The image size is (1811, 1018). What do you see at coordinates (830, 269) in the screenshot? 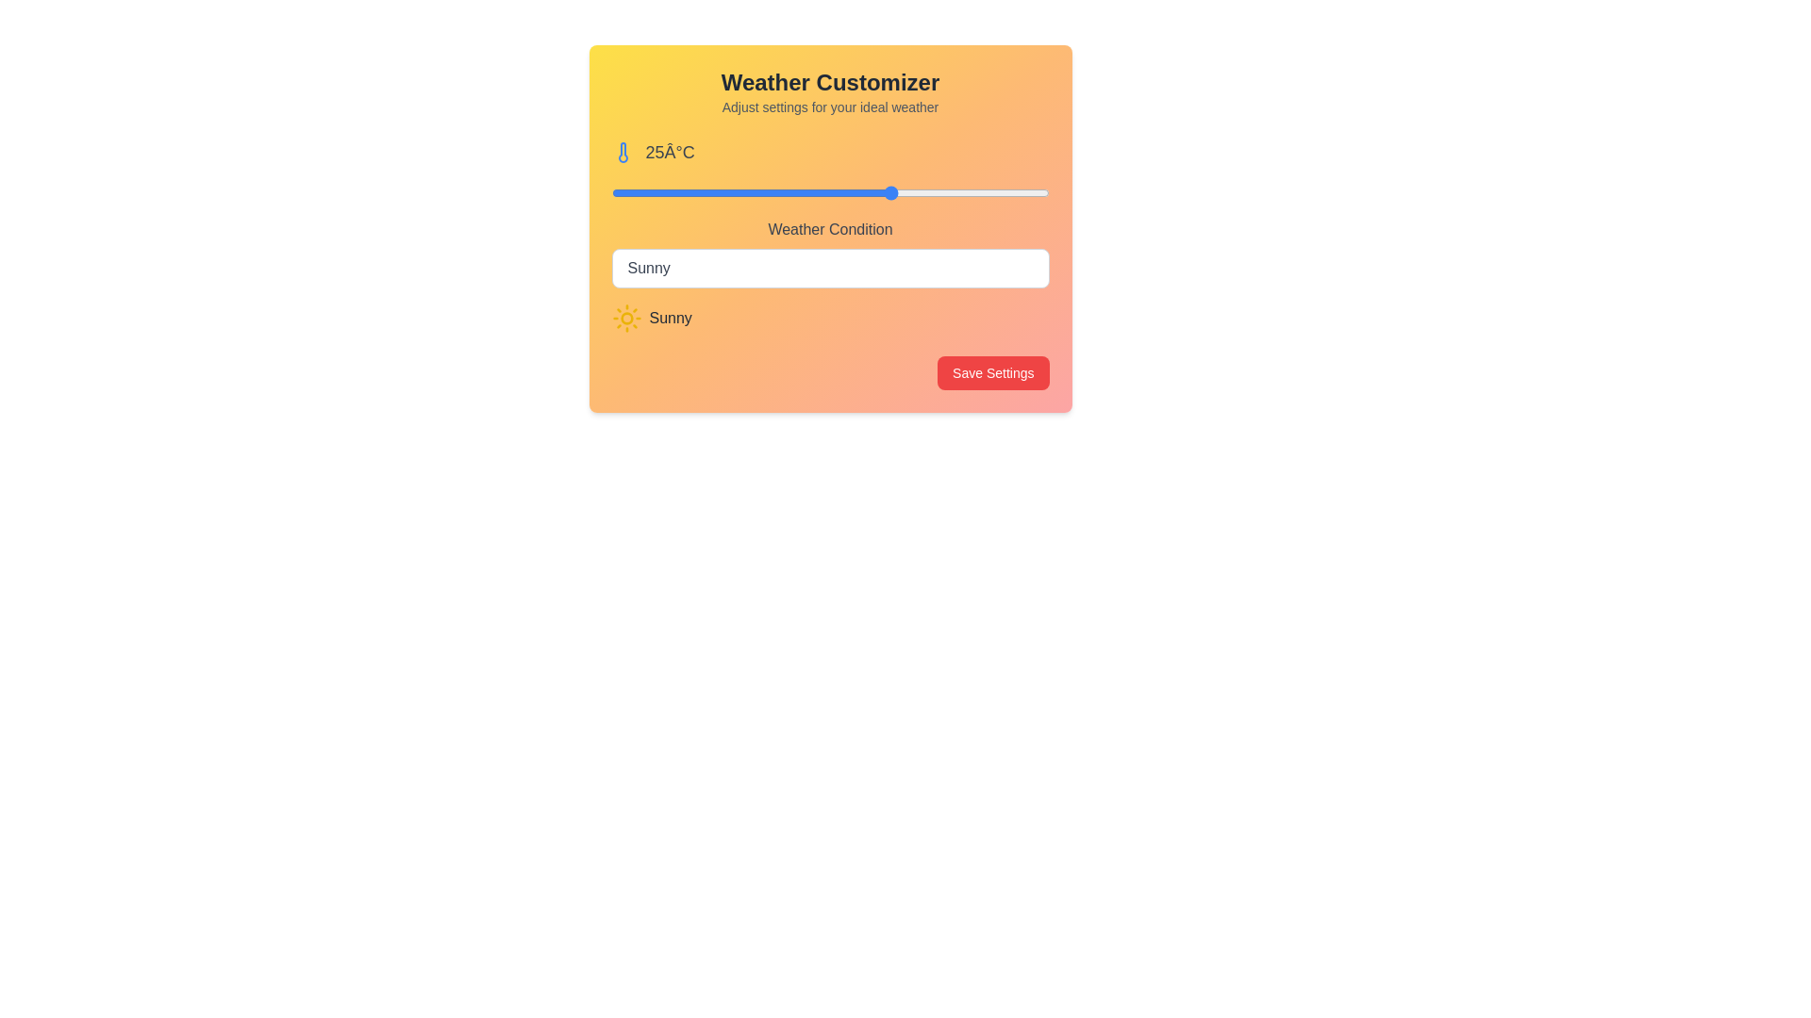
I see `the weather condition Snowy from the dropdown menu` at bounding box center [830, 269].